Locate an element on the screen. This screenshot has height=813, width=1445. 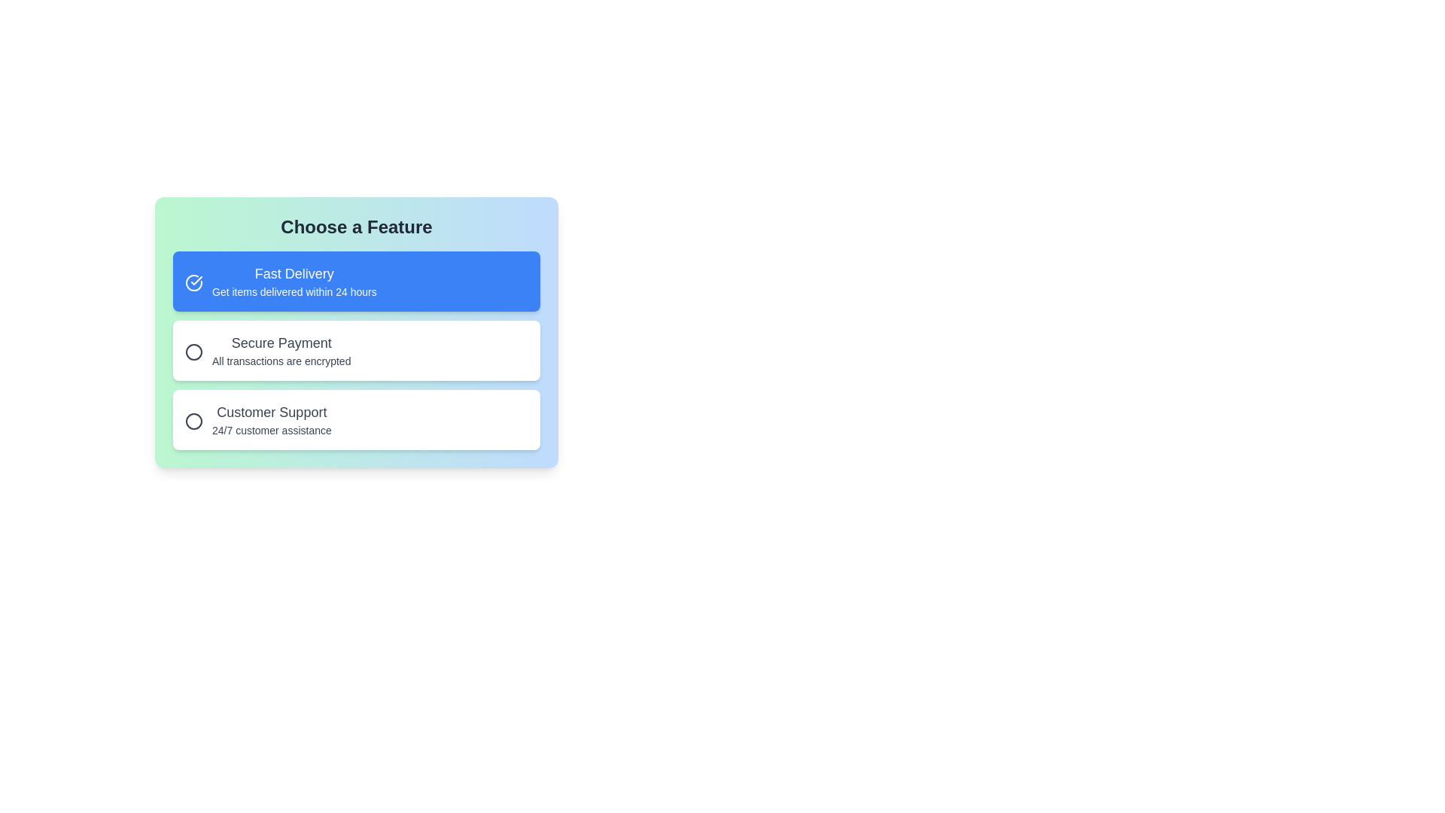
the 'Fast Delivery' card, which is the first card in a vertically arranged list of three cards, to select this feature option is located at coordinates (356, 282).